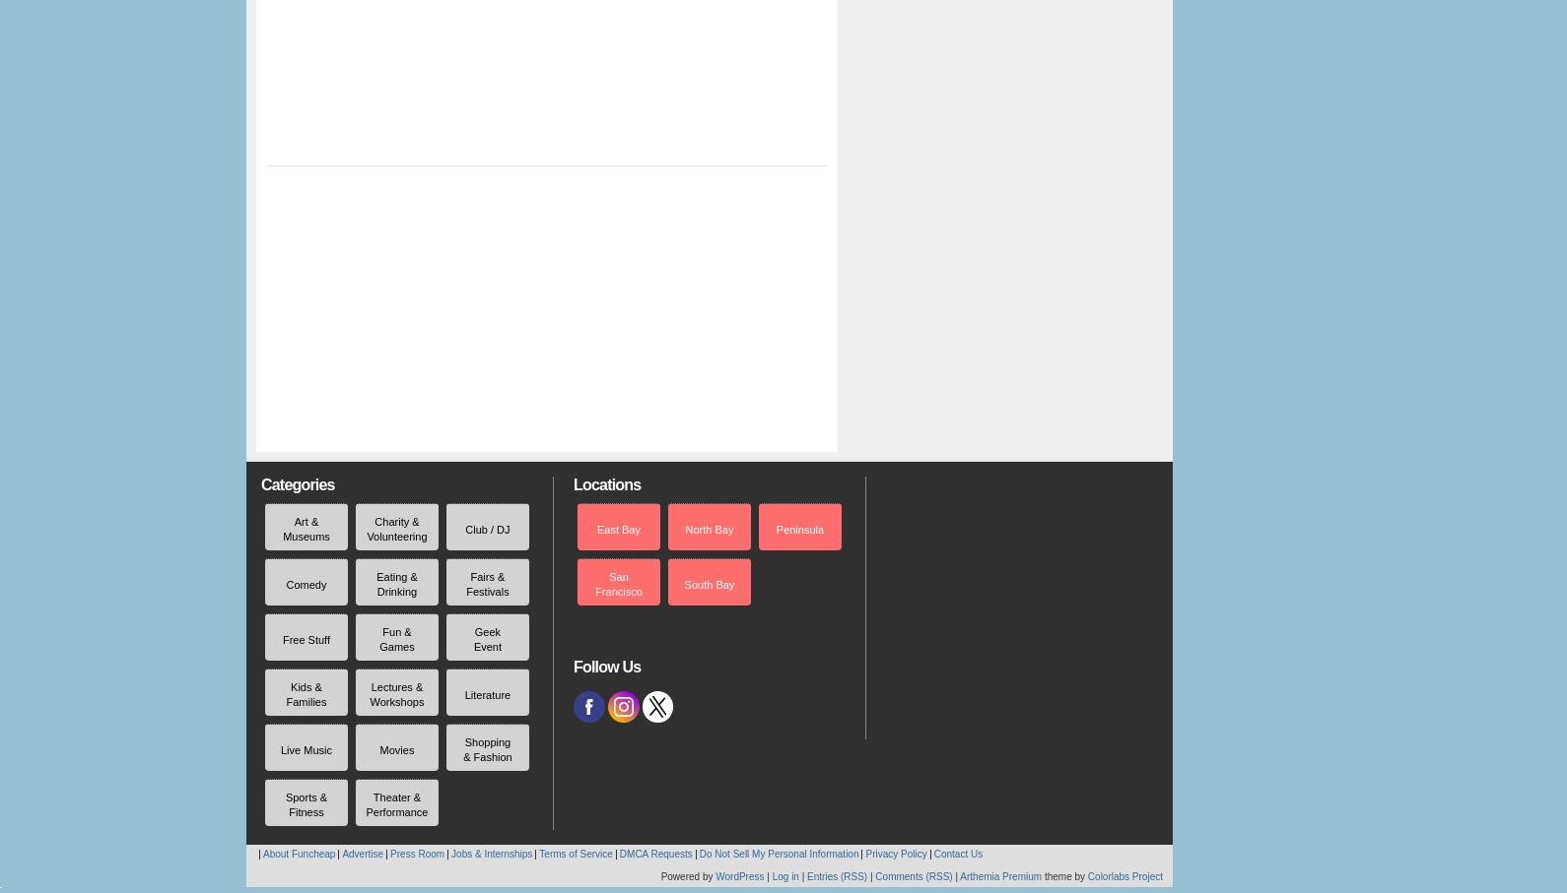 The image size is (1567, 893). I want to click on 'Categories', so click(297, 484).